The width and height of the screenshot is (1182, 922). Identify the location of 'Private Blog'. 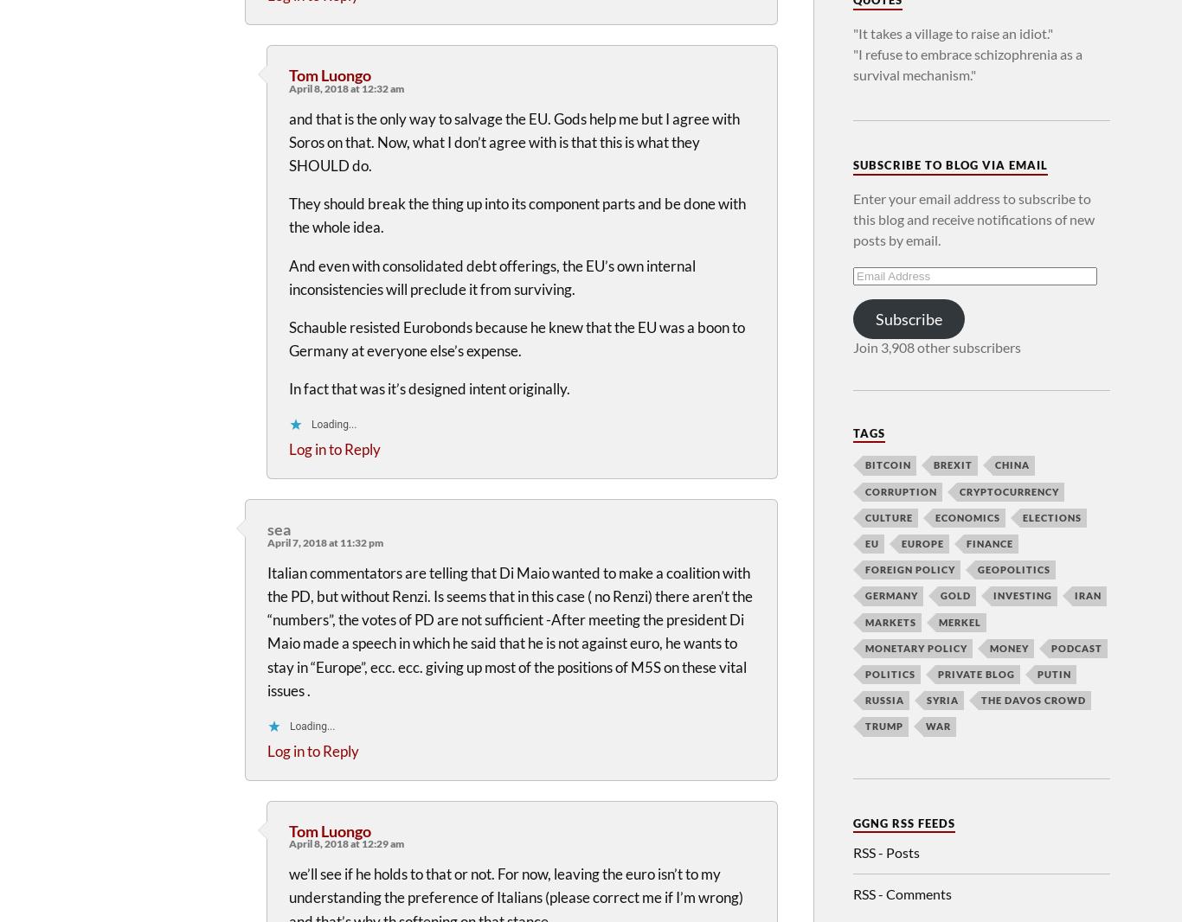
(975, 673).